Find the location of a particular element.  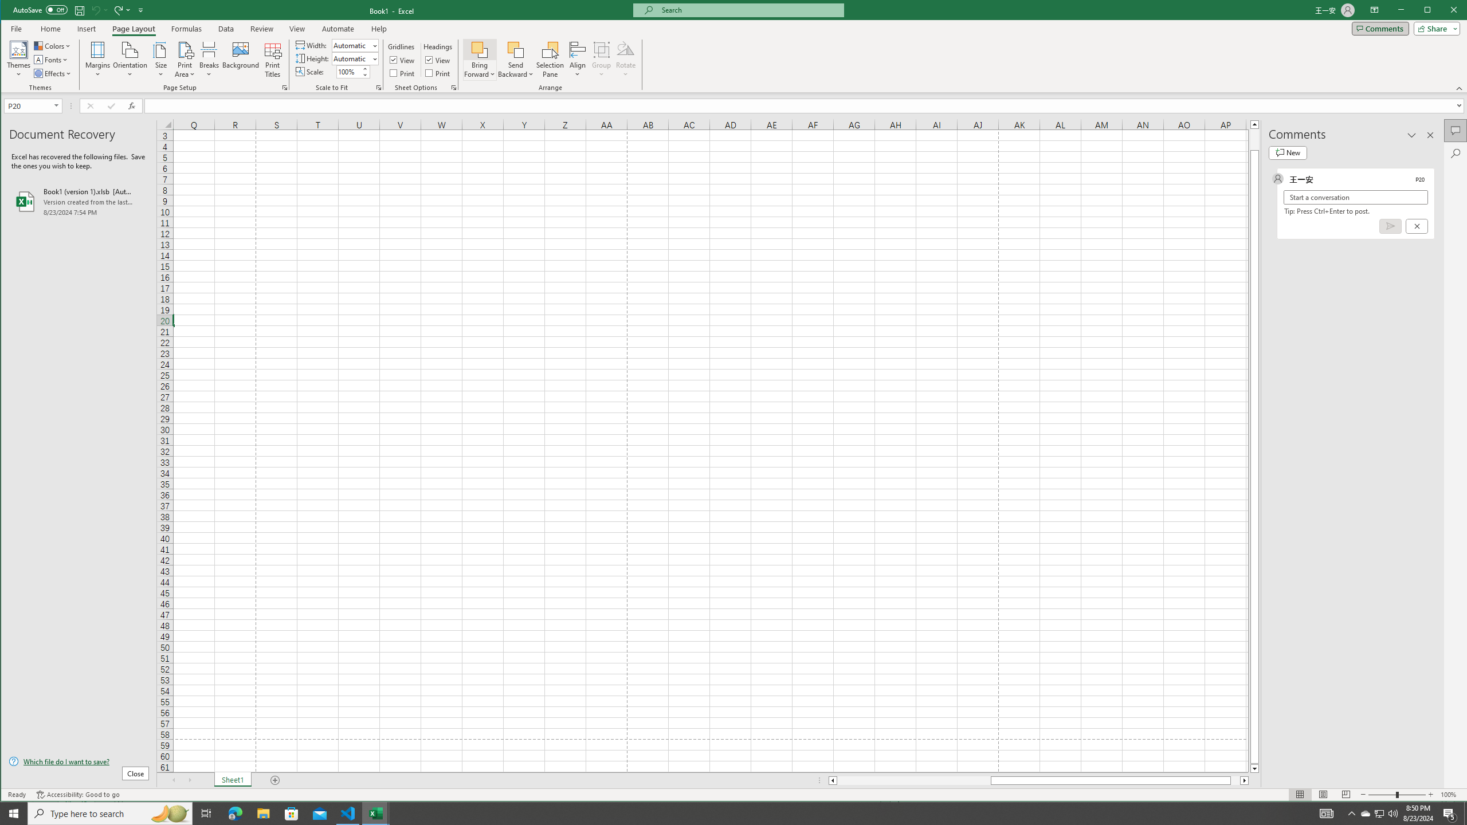

'Effects' is located at coordinates (53, 73).